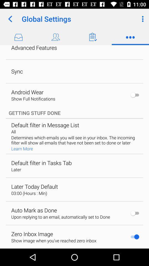 The height and width of the screenshot is (266, 149). Describe the element at coordinates (34, 210) in the screenshot. I see `auto mark as item` at that location.